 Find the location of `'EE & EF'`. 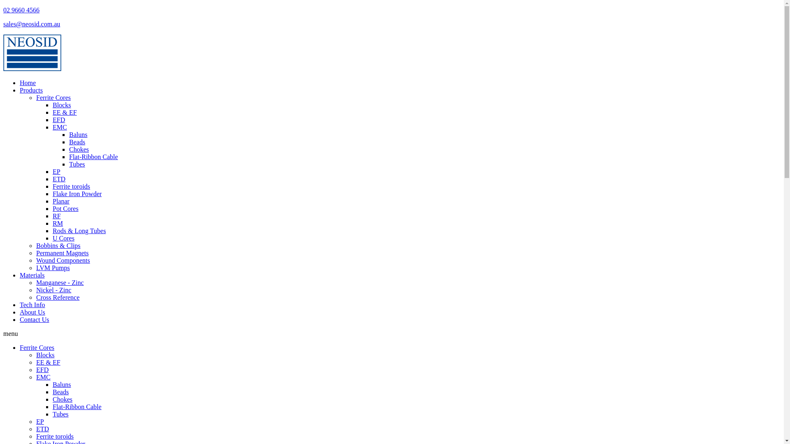

'EE & EF' is located at coordinates (64, 112).